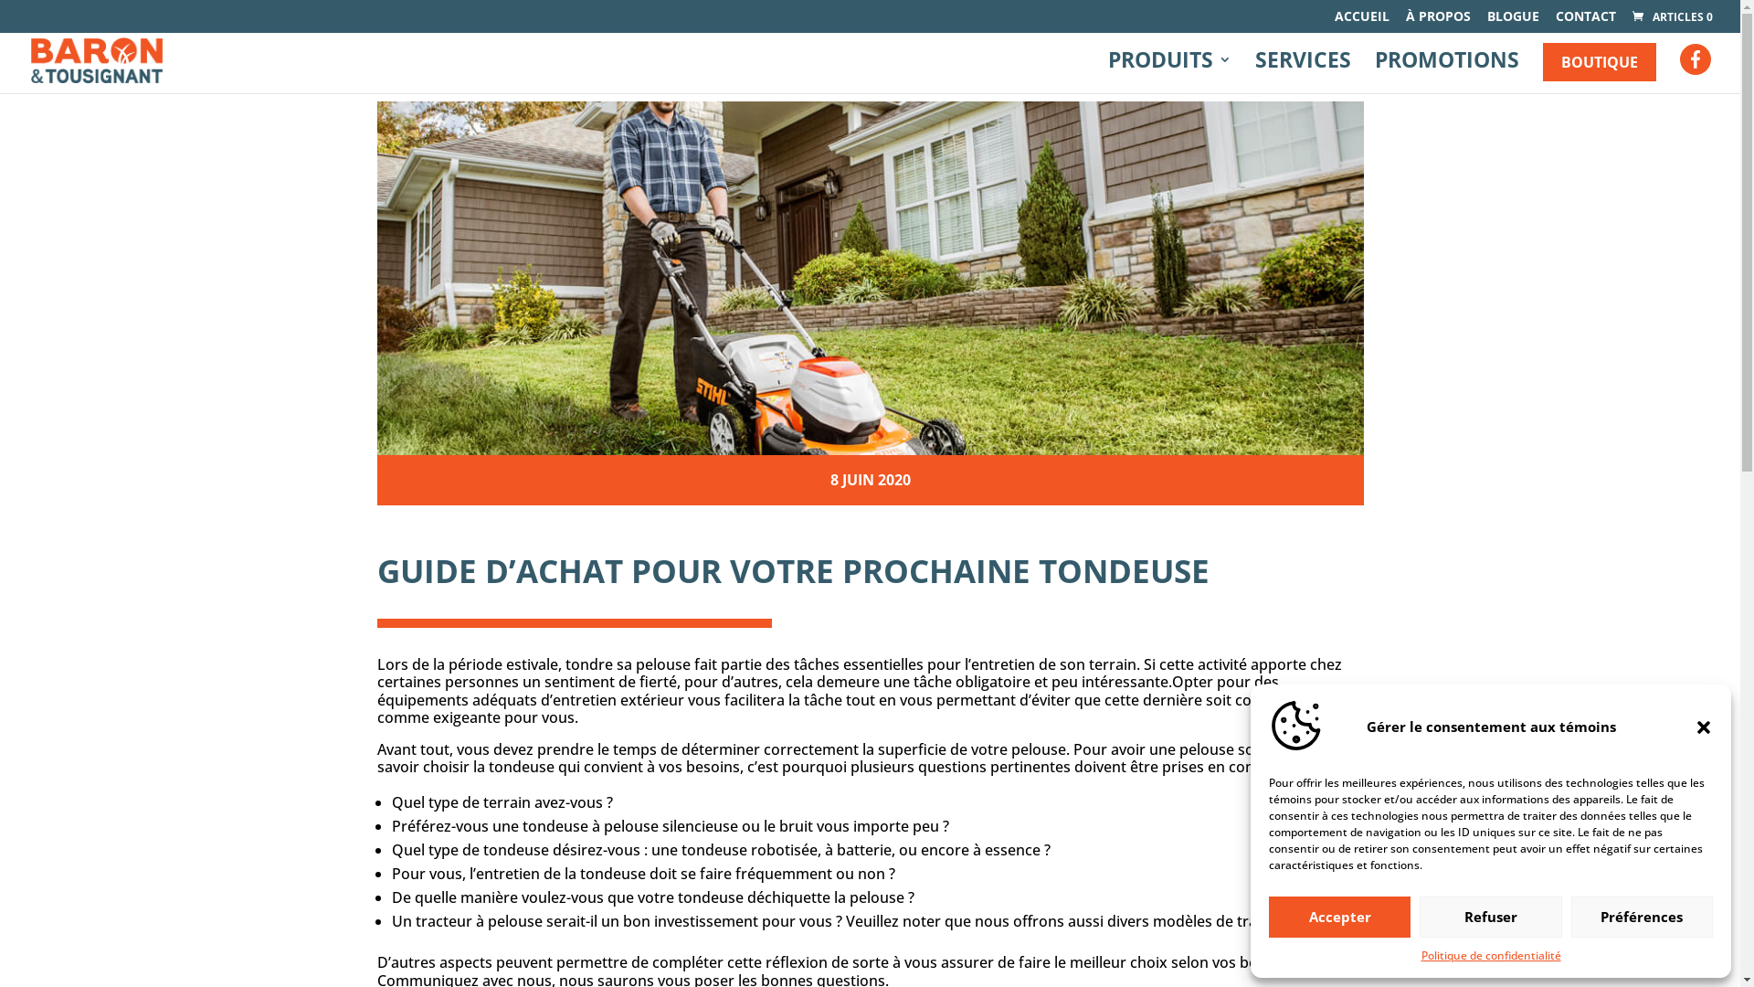 The width and height of the screenshot is (1754, 987). Describe the element at coordinates (1169, 72) in the screenshot. I see `'PRODUITS'` at that location.